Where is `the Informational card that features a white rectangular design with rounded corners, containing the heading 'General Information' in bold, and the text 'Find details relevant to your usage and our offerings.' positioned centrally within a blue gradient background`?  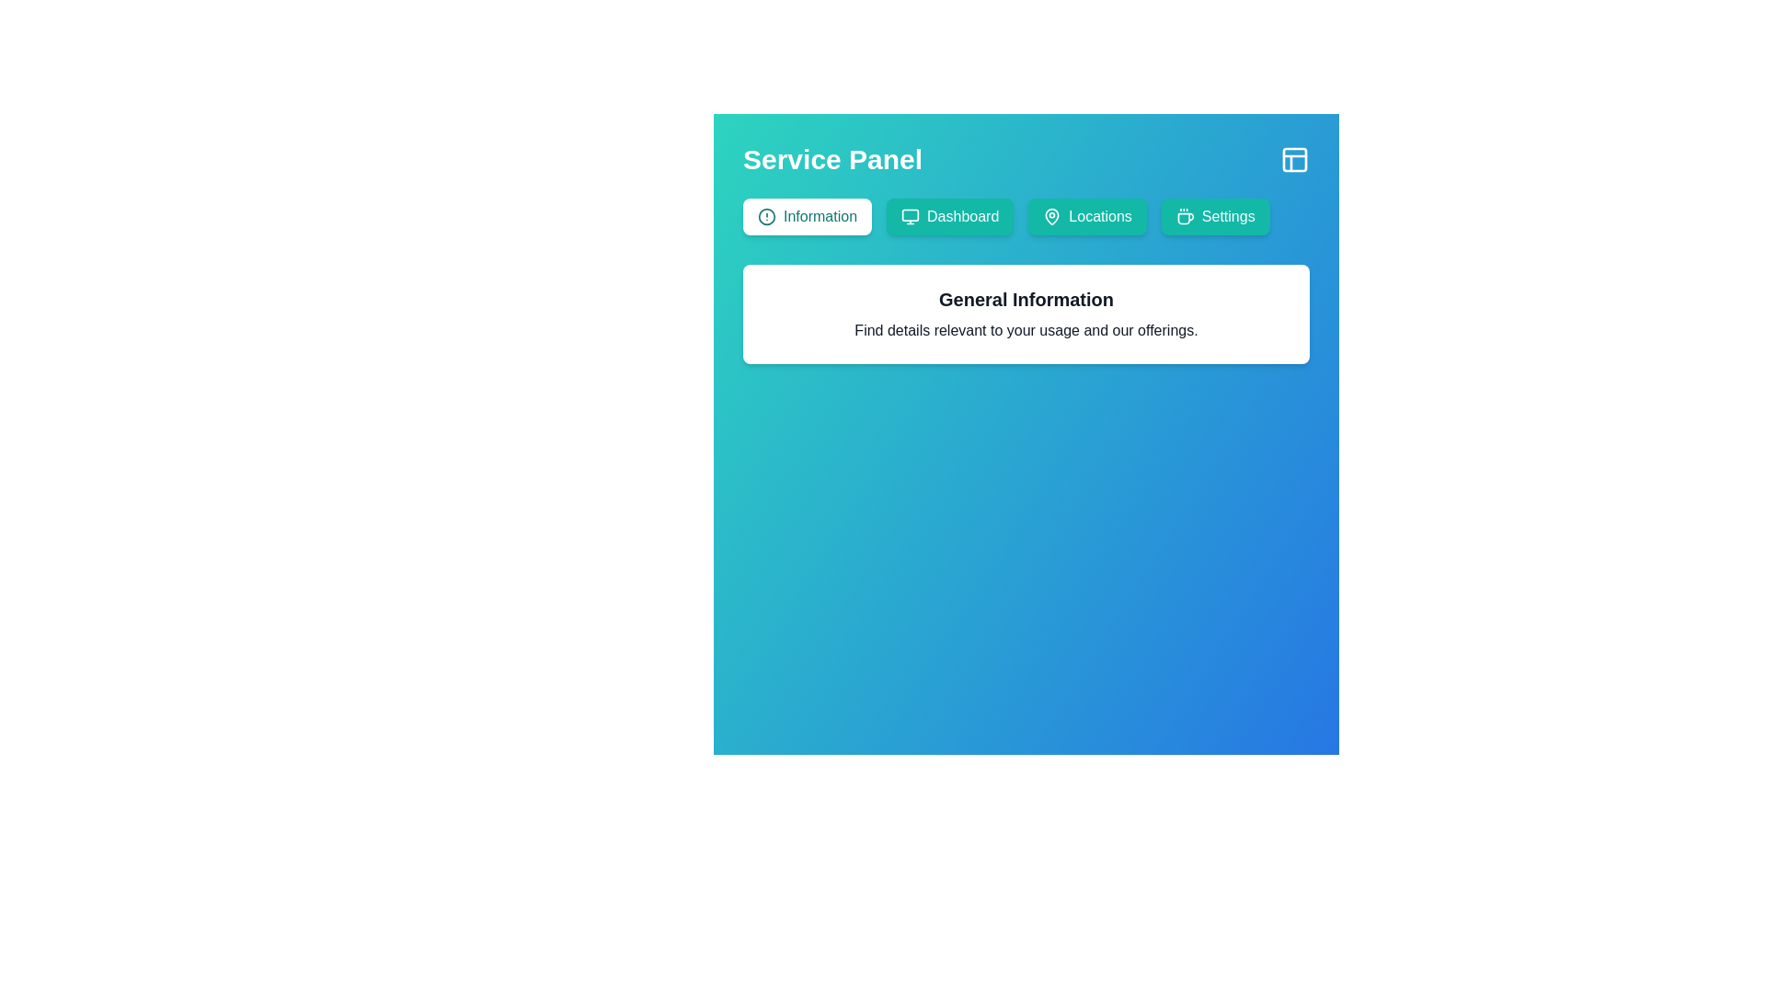 the Informational card that features a white rectangular design with rounded corners, containing the heading 'General Information' in bold, and the text 'Find details relevant to your usage and our offerings.' positioned centrally within a blue gradient background is located at coordinates (1026, 314).